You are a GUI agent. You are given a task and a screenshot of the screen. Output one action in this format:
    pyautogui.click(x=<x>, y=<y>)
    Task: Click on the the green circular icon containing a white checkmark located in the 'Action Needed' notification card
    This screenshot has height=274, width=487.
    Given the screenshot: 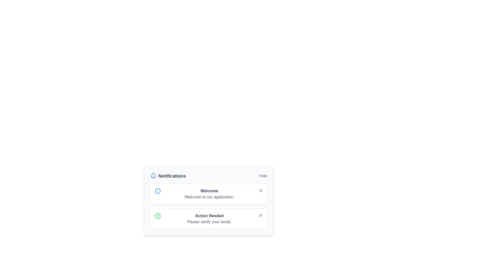 What is the action you would take?
    pyautogui.click(x=157, y=216)
    